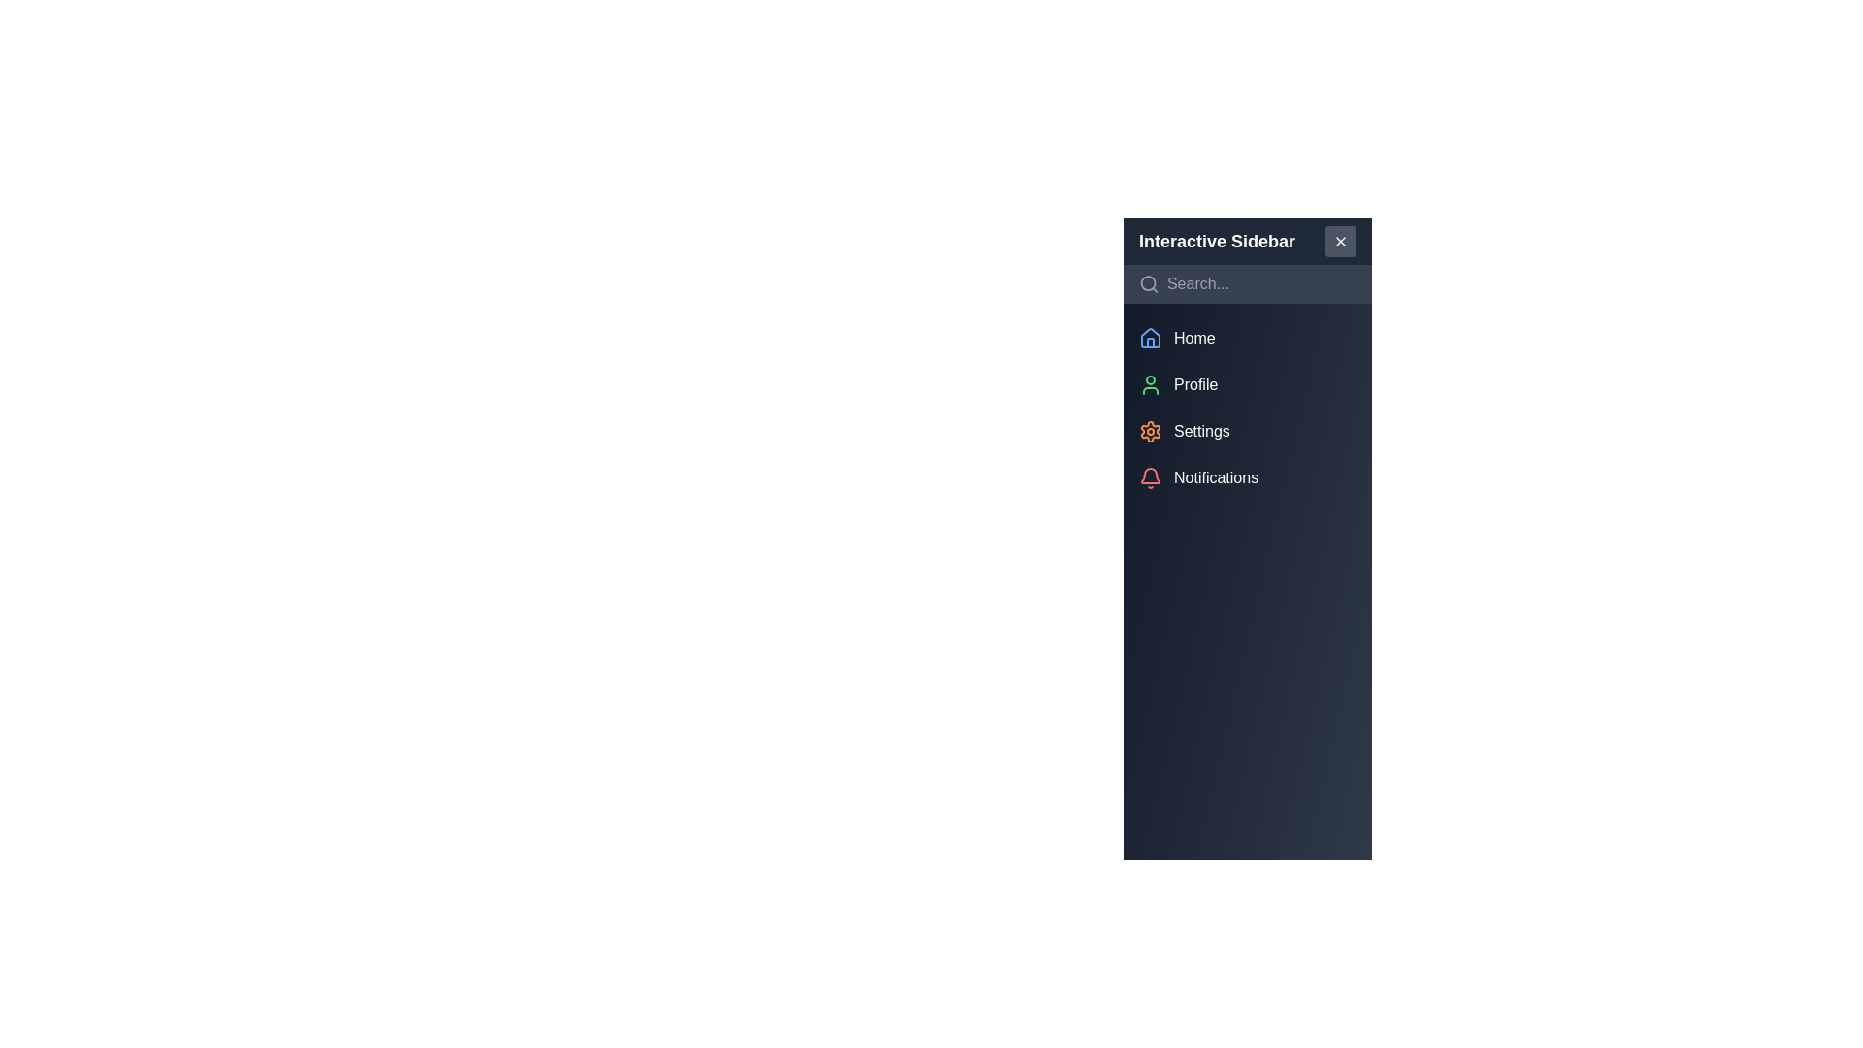 This screenshot has width=1863, height=1048. What do you see at coordinates (1150, 385) in the screenshot?
I see `the 'Profile' icon located in the sidebar menu, positioned to the left of the 'Profile' text label` at bounding box center [1150, 385].